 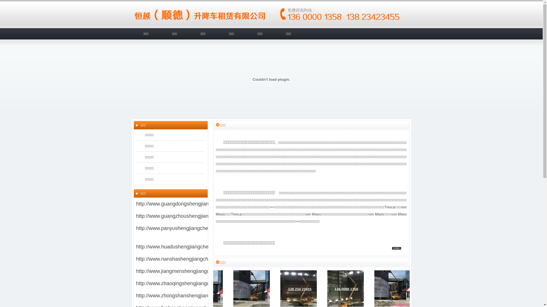 What do you see at coordinates (185, 246) in the screenshot?
I see `'http://www.huadushengjiangchechuzu.com/'` at bounding box center [185, 246].